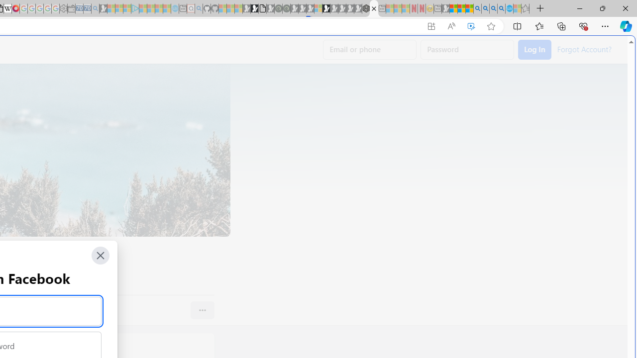 The height and width of the screenshot is (358, 637). What do you see at coordinates (477, 8) in the screenshot?
I see `'Bing AI - Search'` at bounding box center [477, 8].